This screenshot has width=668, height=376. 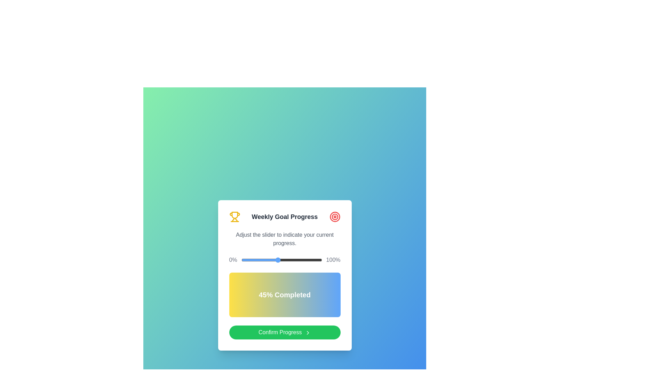 What do you see at coordinates (316, 260) in the screenshot?
I see `the slider to set the progress to 93%` at bounding box center [316, 260].